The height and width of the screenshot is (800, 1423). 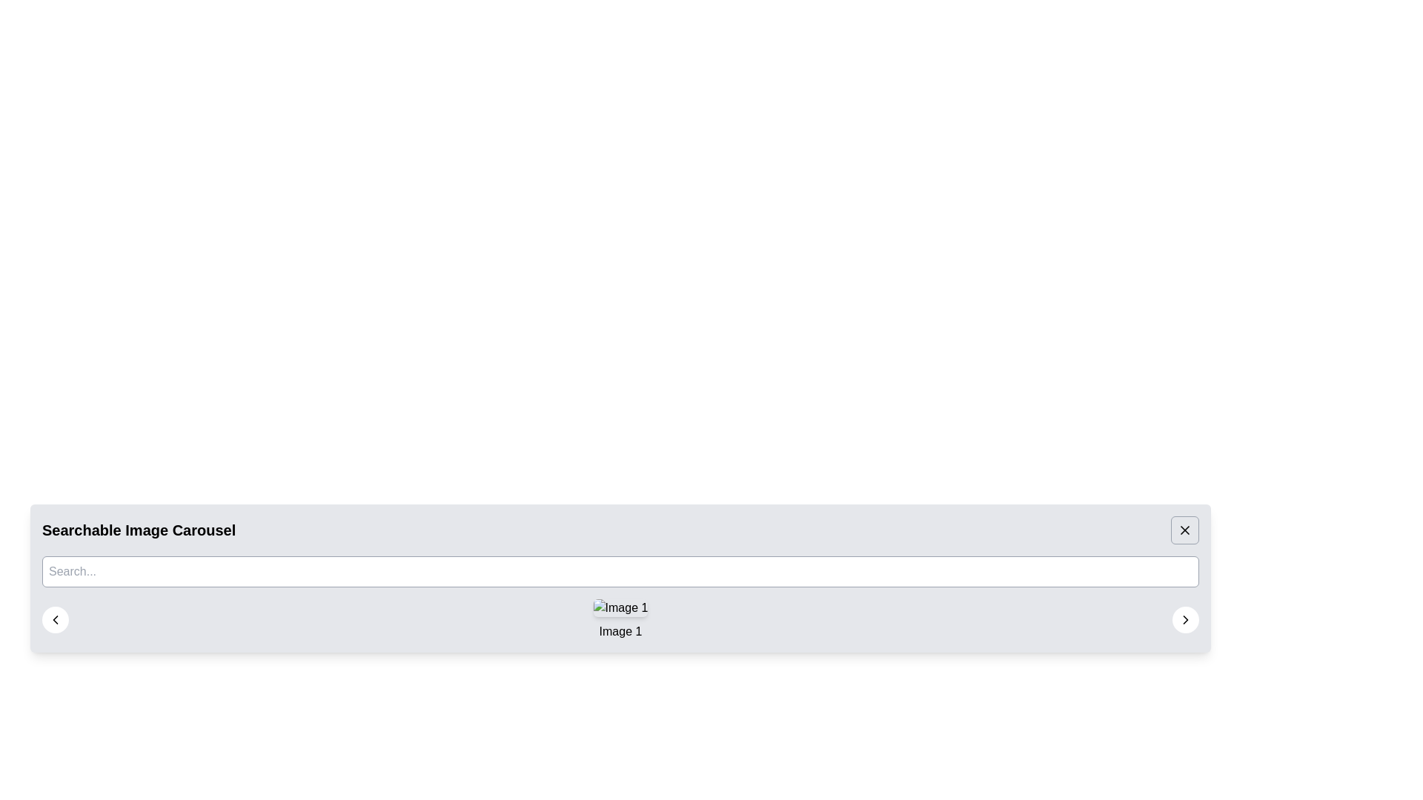 I want to click on the close button located at the top-right corner of the 'Searchable Image Carousel' header, so click(x=1184, y=530).